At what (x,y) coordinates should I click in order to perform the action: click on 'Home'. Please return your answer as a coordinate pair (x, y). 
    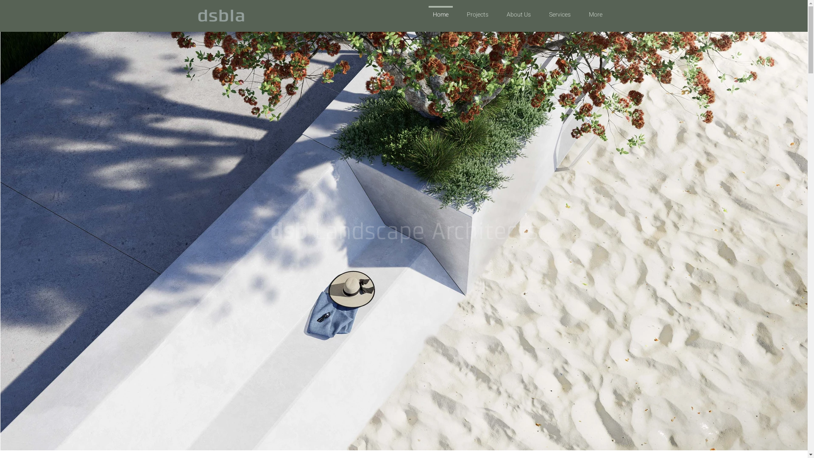
    Looking at the image, I should click on (440, 11).